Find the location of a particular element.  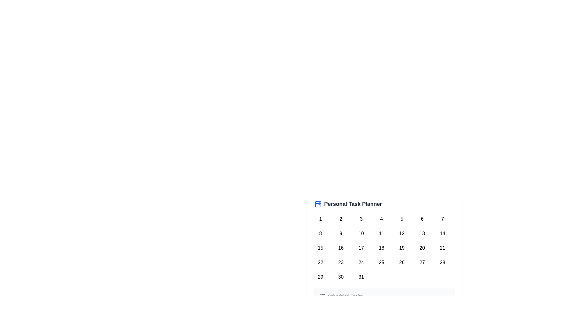

the circular button with a white background displaying the number '8' in black is located at coordinates (320, 233).